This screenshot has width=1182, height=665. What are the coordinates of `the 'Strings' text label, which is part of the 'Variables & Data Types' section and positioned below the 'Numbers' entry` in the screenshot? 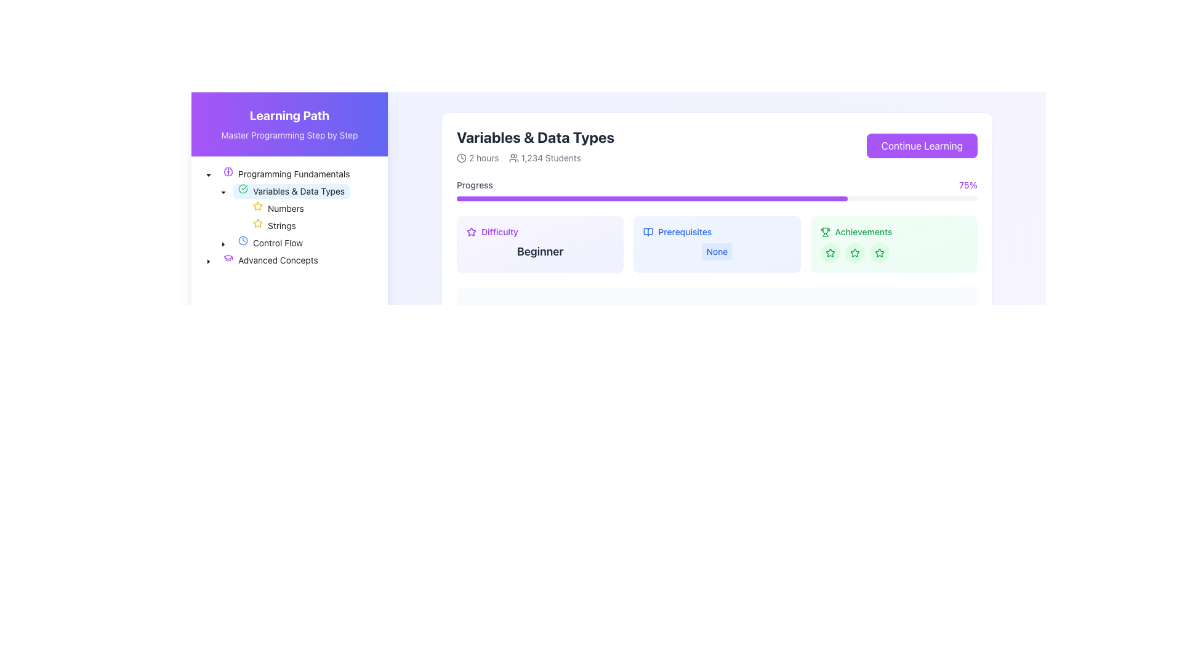 It's located at (281, 225).